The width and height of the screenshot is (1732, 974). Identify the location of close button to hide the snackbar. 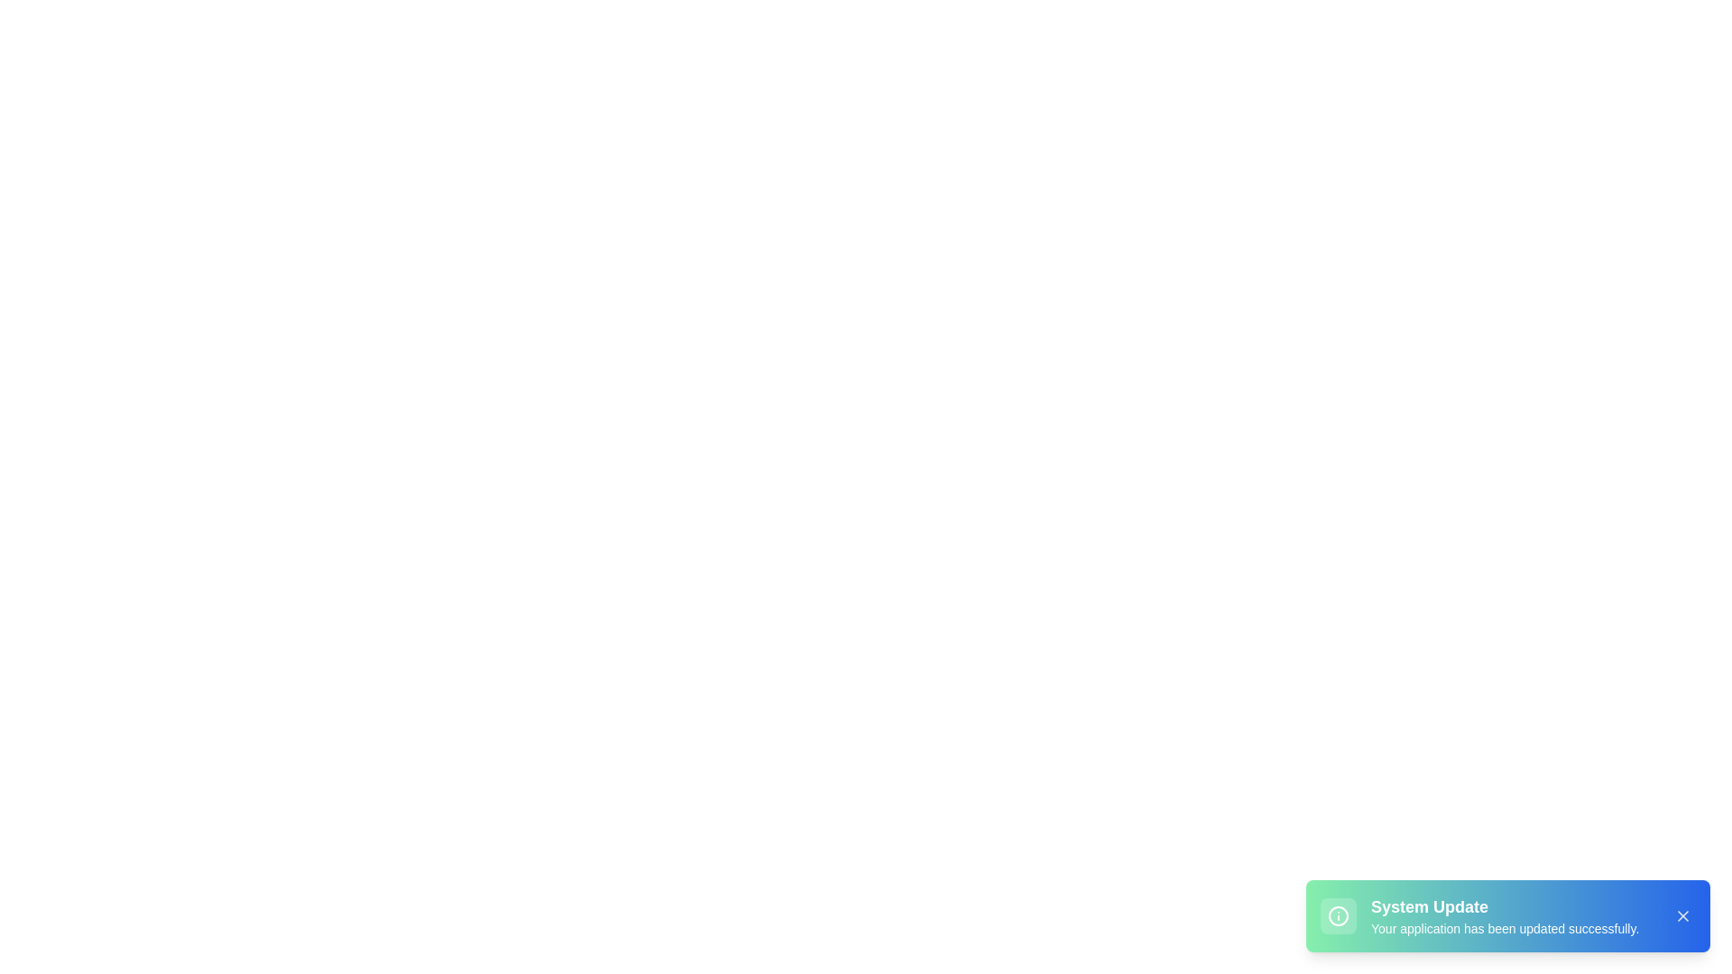
(1682, 915).